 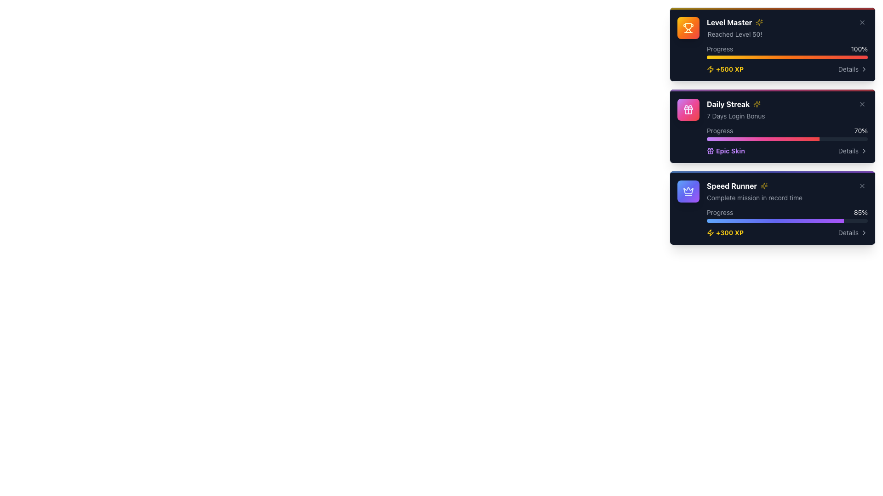 I want to click on the progress visually on the progress bar located in the bottom-most card beneath the title 'Speed Runner' and above the reward information '+300 XP', so click(x=787, y=215).